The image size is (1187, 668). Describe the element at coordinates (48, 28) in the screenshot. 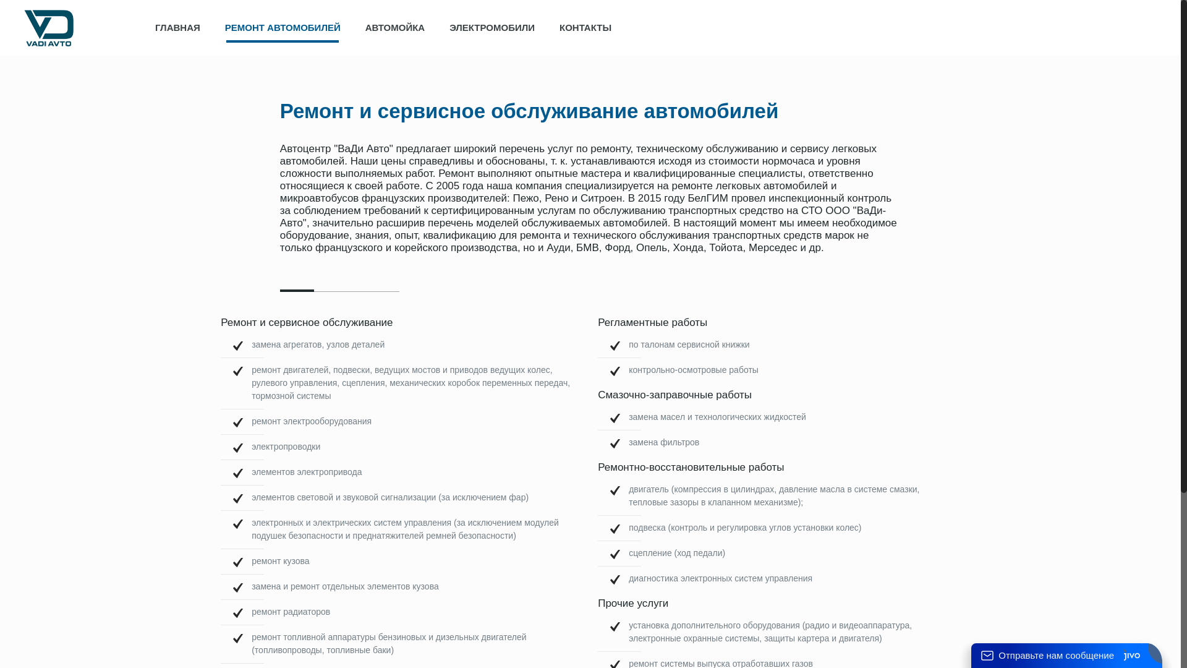

I see `'VADI-AVTO'` at that location.